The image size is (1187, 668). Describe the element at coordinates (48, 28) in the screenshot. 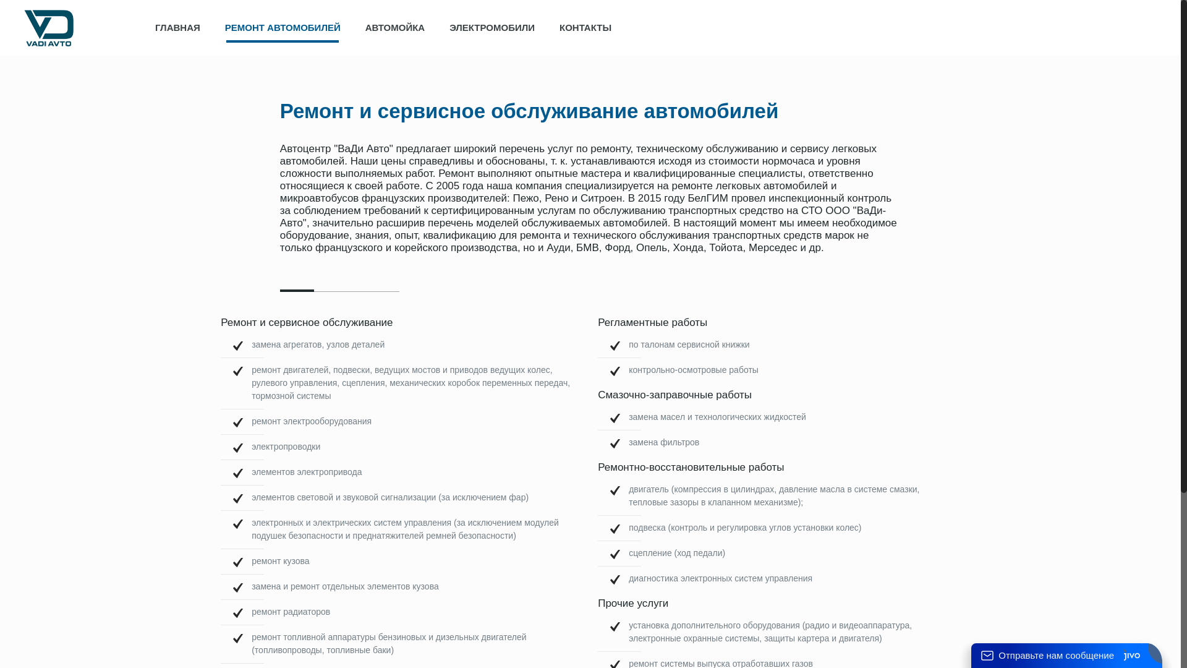

I see `'VADI-AVTO'` at that location.